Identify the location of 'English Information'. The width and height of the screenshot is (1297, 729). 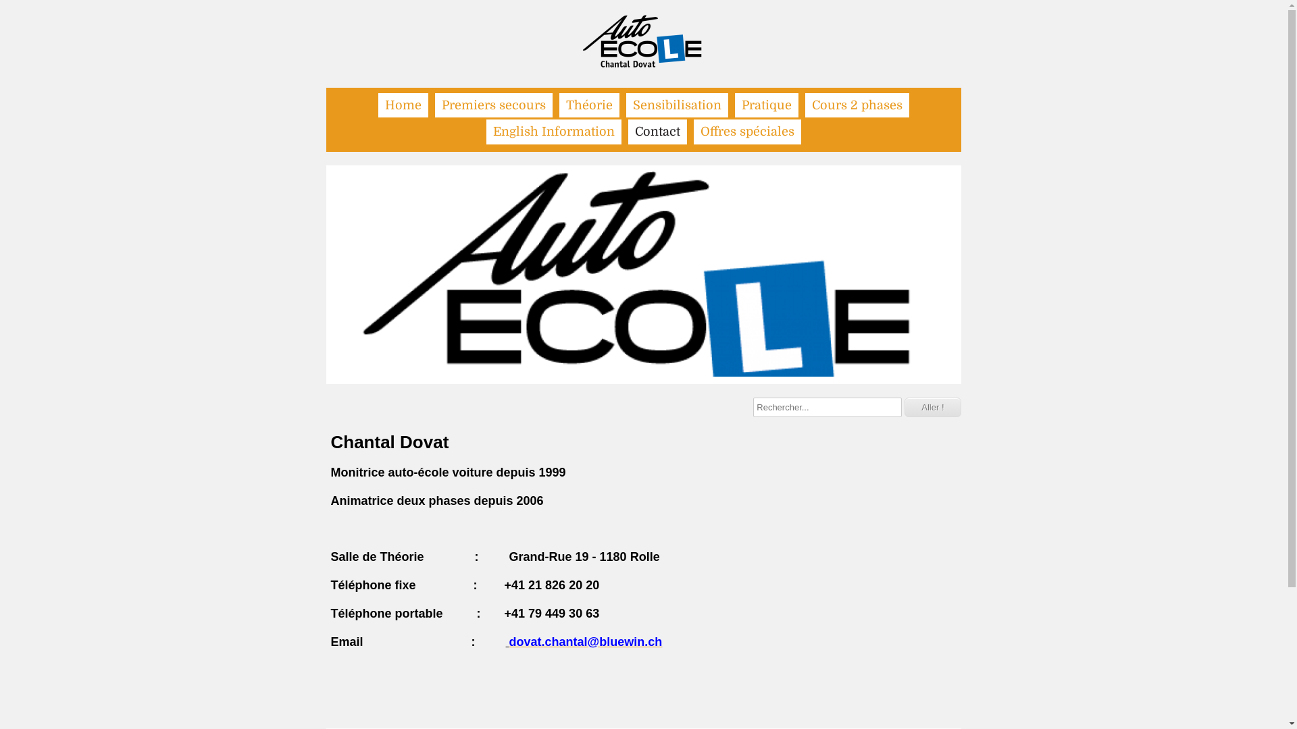
(554, 132).